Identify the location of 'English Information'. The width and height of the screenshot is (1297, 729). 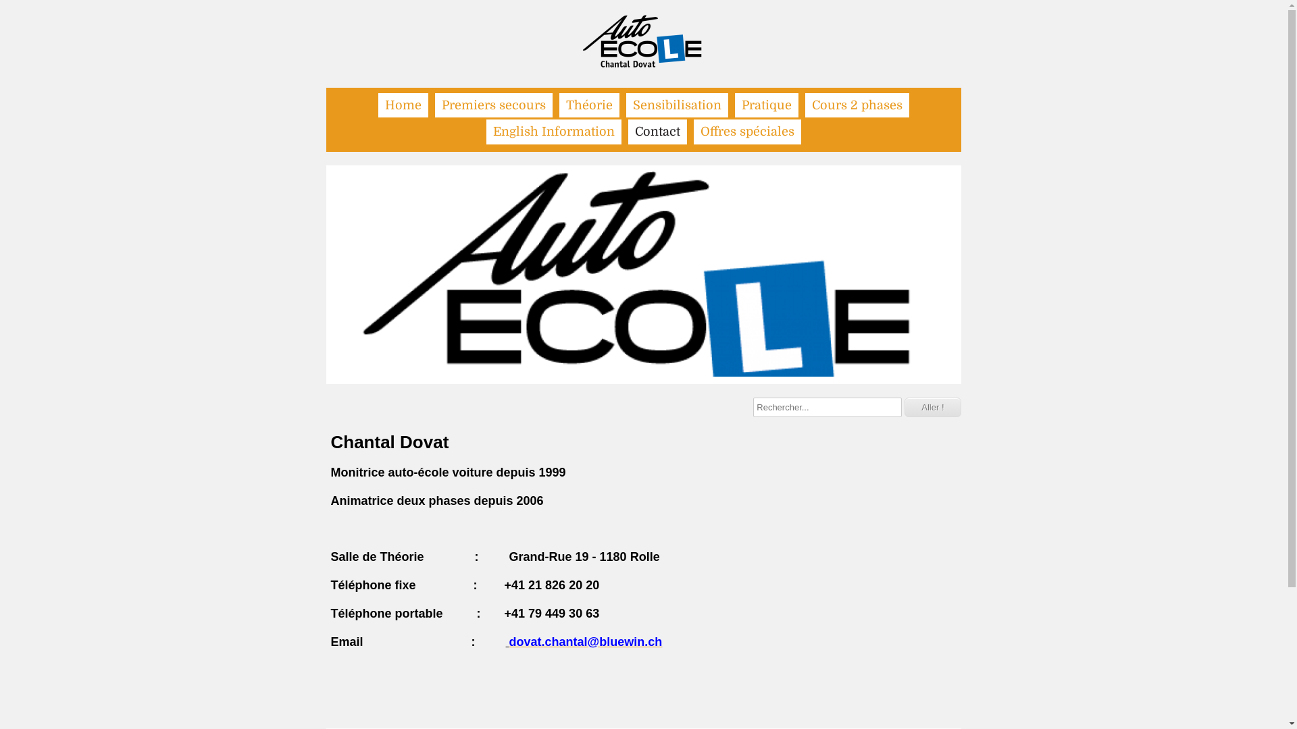
(554, 132).